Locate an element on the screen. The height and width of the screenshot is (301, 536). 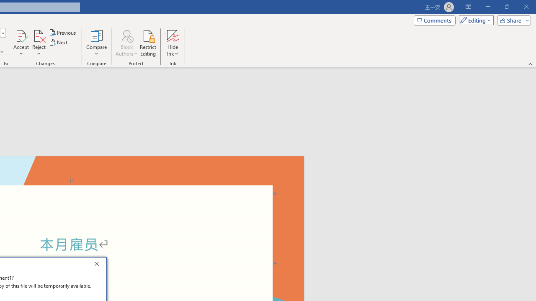
'Change Tracking Options...' is located at coordinates (6, 63).